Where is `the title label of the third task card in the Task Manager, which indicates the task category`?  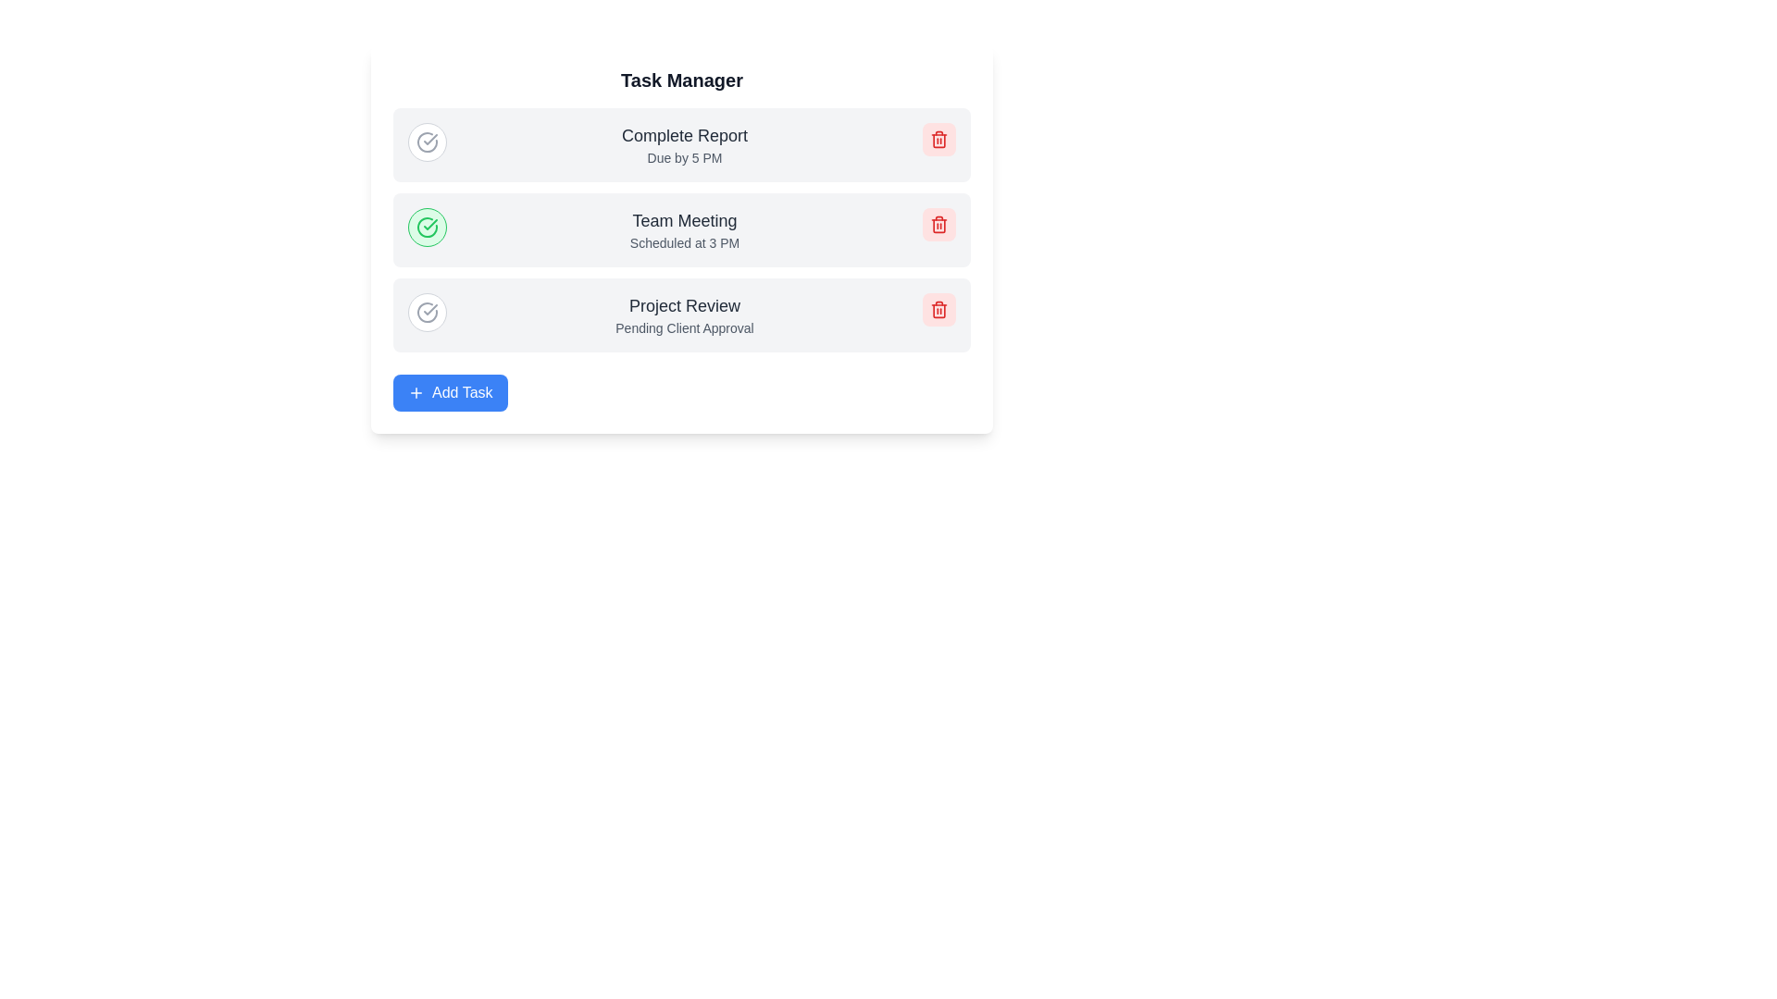
the title label of the third task card in the Task Manager, which indicates the task category is located at coordinates (683, 305).